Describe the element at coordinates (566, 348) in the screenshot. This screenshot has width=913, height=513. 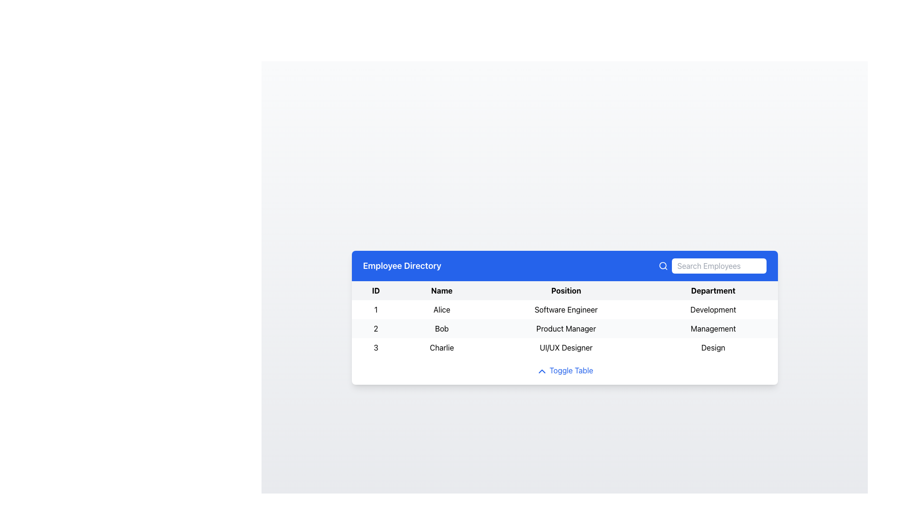
I see `the text label displaying 'UI/UX Designer' located in the third row of the table under the 'Position' column` at that location.